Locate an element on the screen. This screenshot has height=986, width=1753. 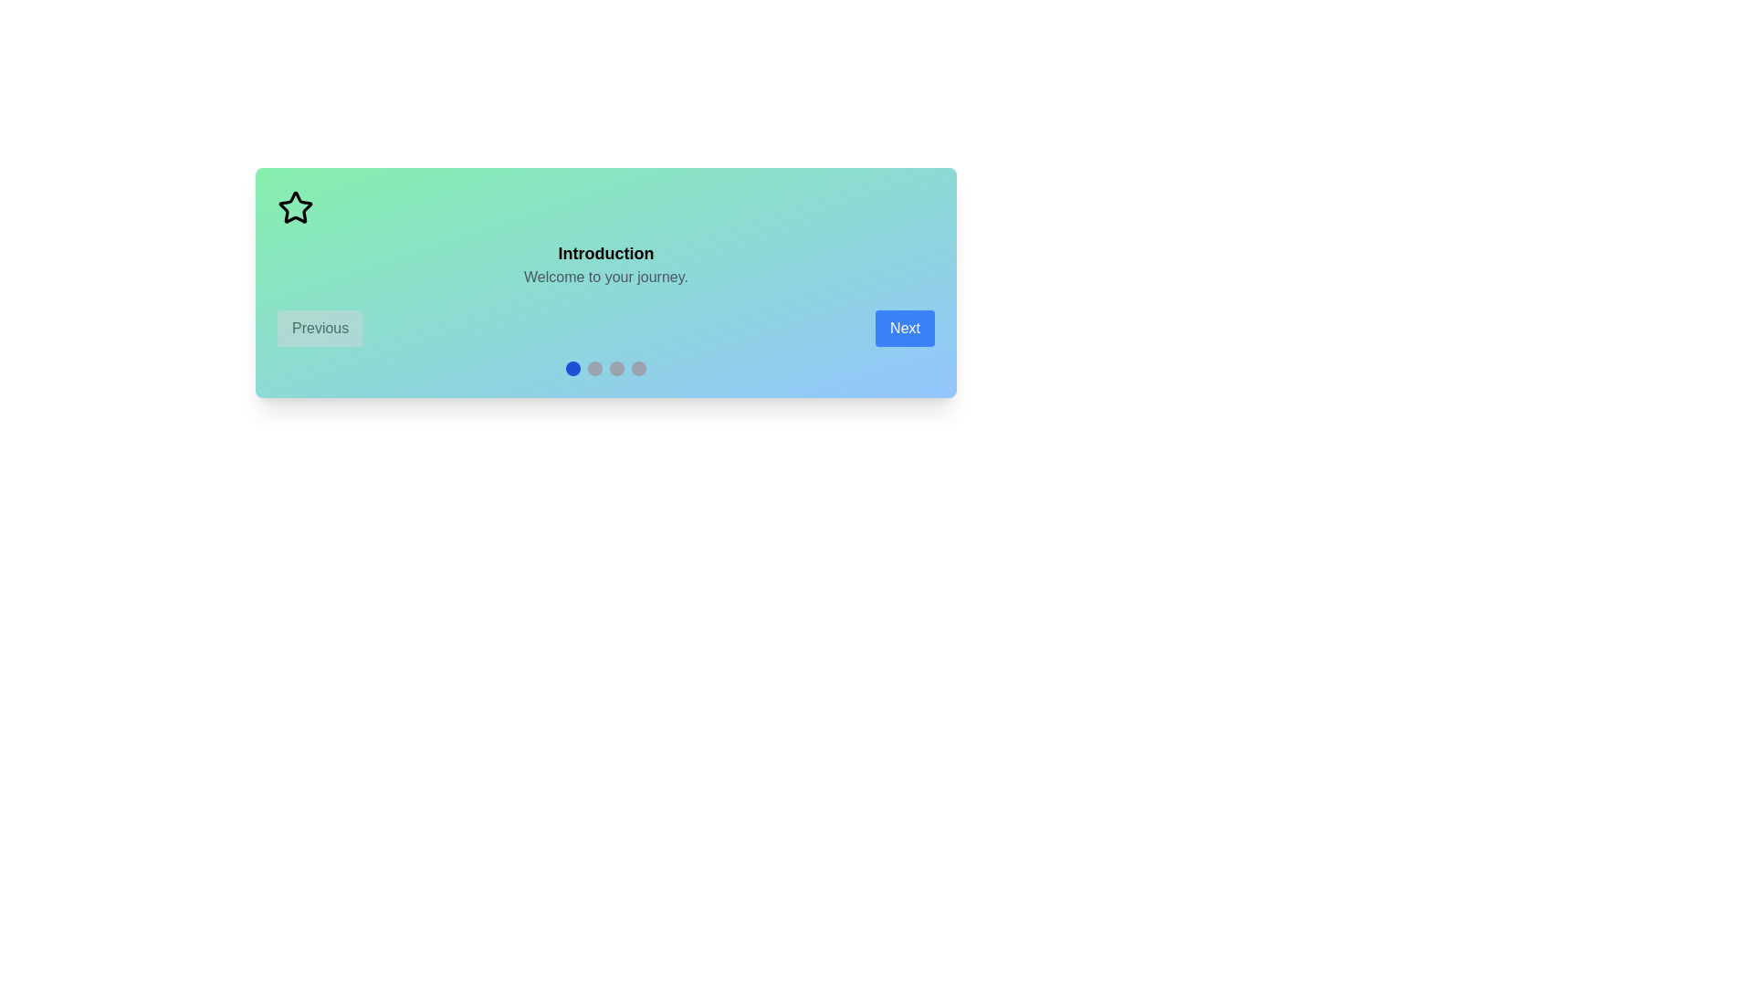
the indicator corresponding to the scene number 4 is located at coordinates (639, 369).